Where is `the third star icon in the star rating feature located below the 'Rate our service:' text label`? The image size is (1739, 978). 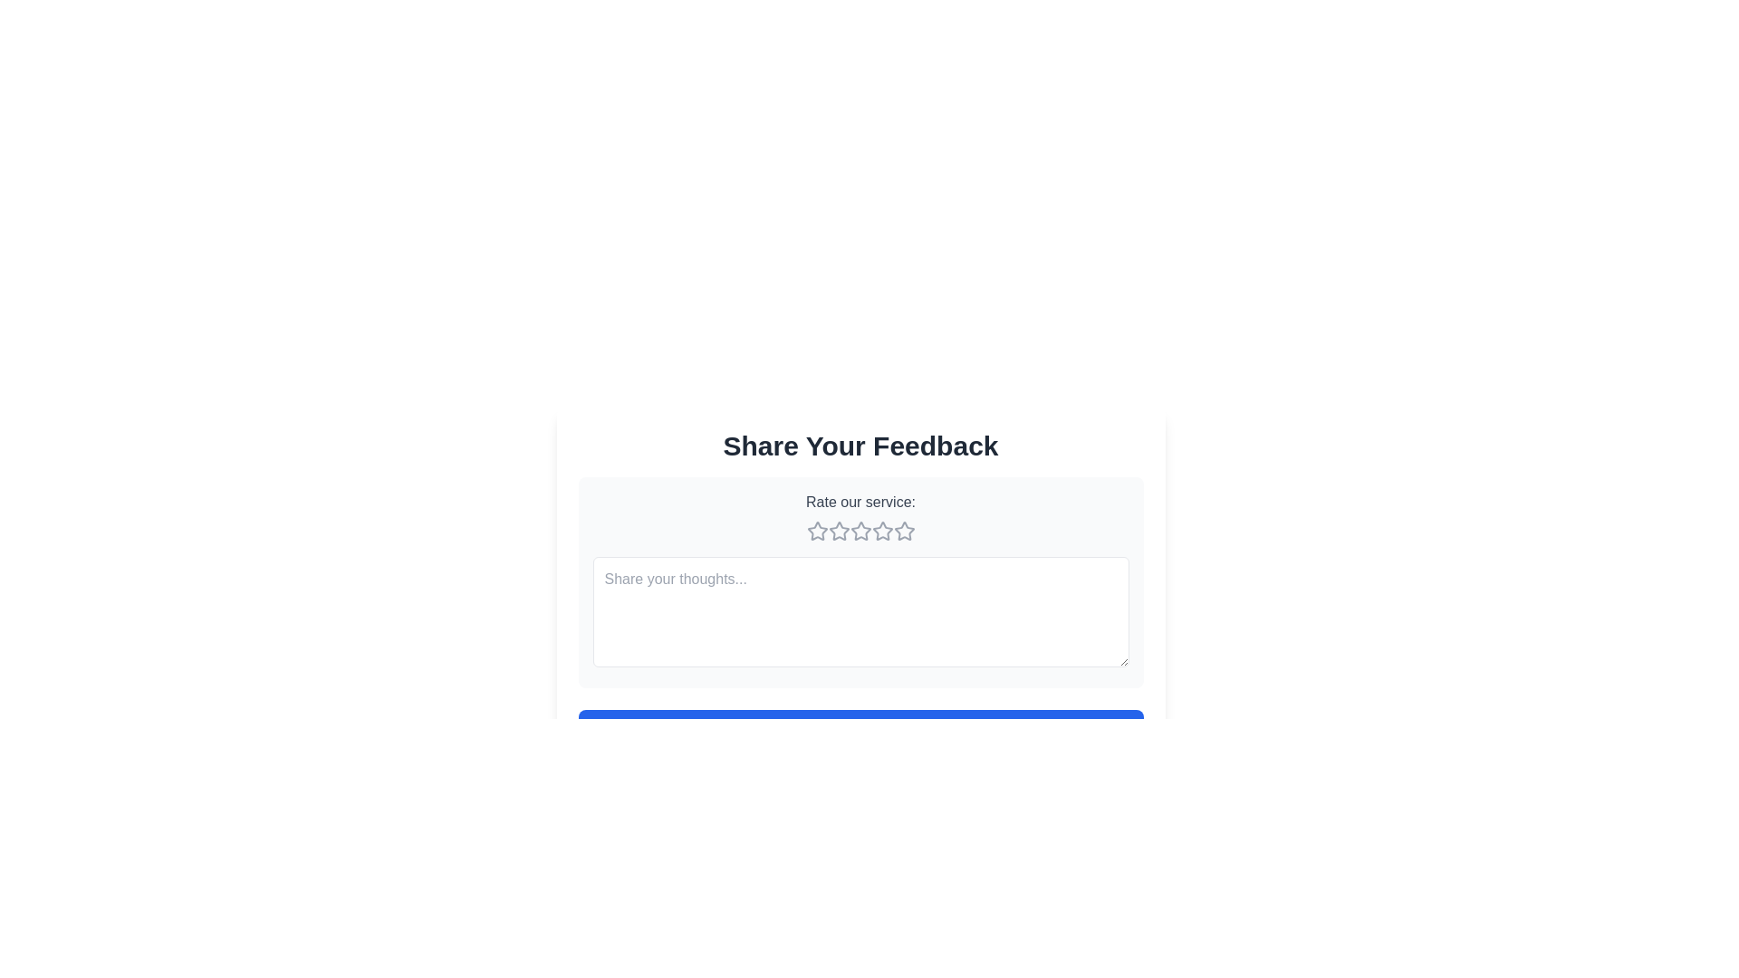 the third star icon in the star rating feature located below the 'Rate our service:' text label is located at coordinates (860, 530).